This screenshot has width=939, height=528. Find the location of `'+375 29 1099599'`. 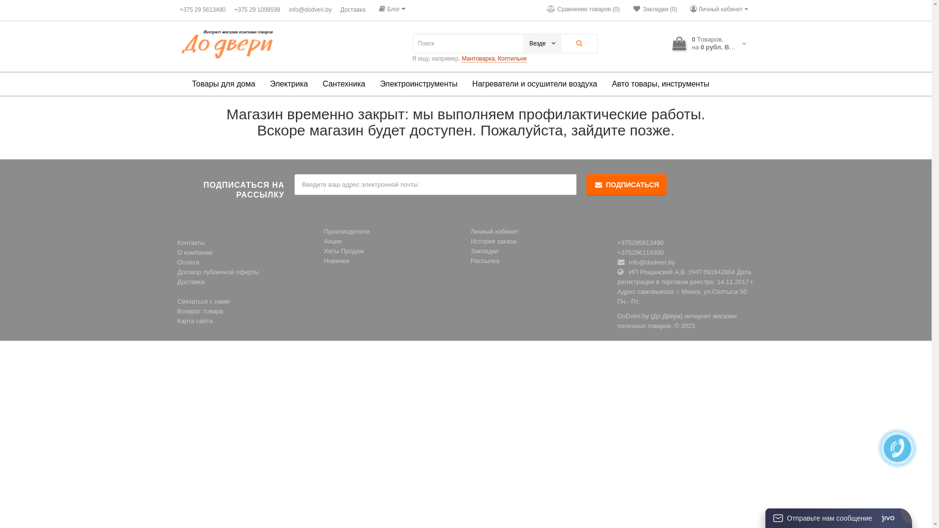

'+375 29 1099599' is located at coordinates (257, 9).